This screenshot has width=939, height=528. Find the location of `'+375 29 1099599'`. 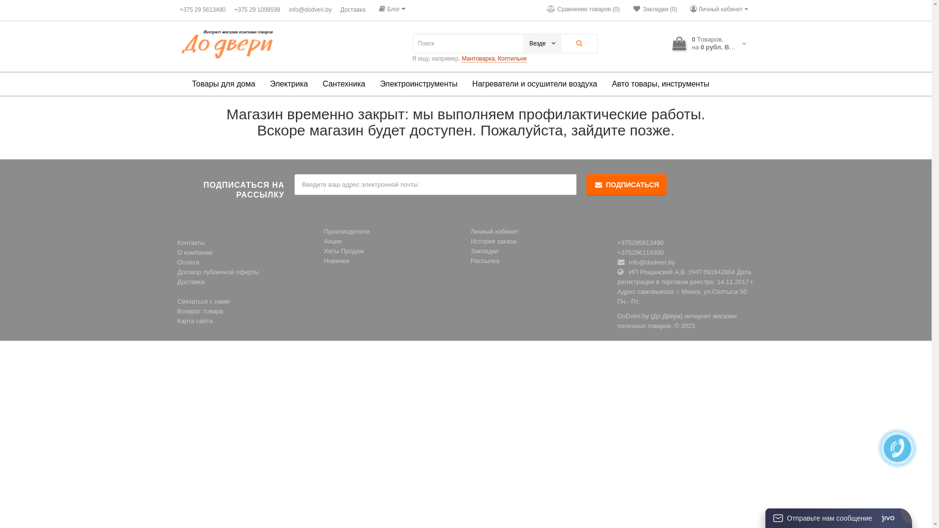

'+375 29 1099599' is located at coordinates (257, 9).